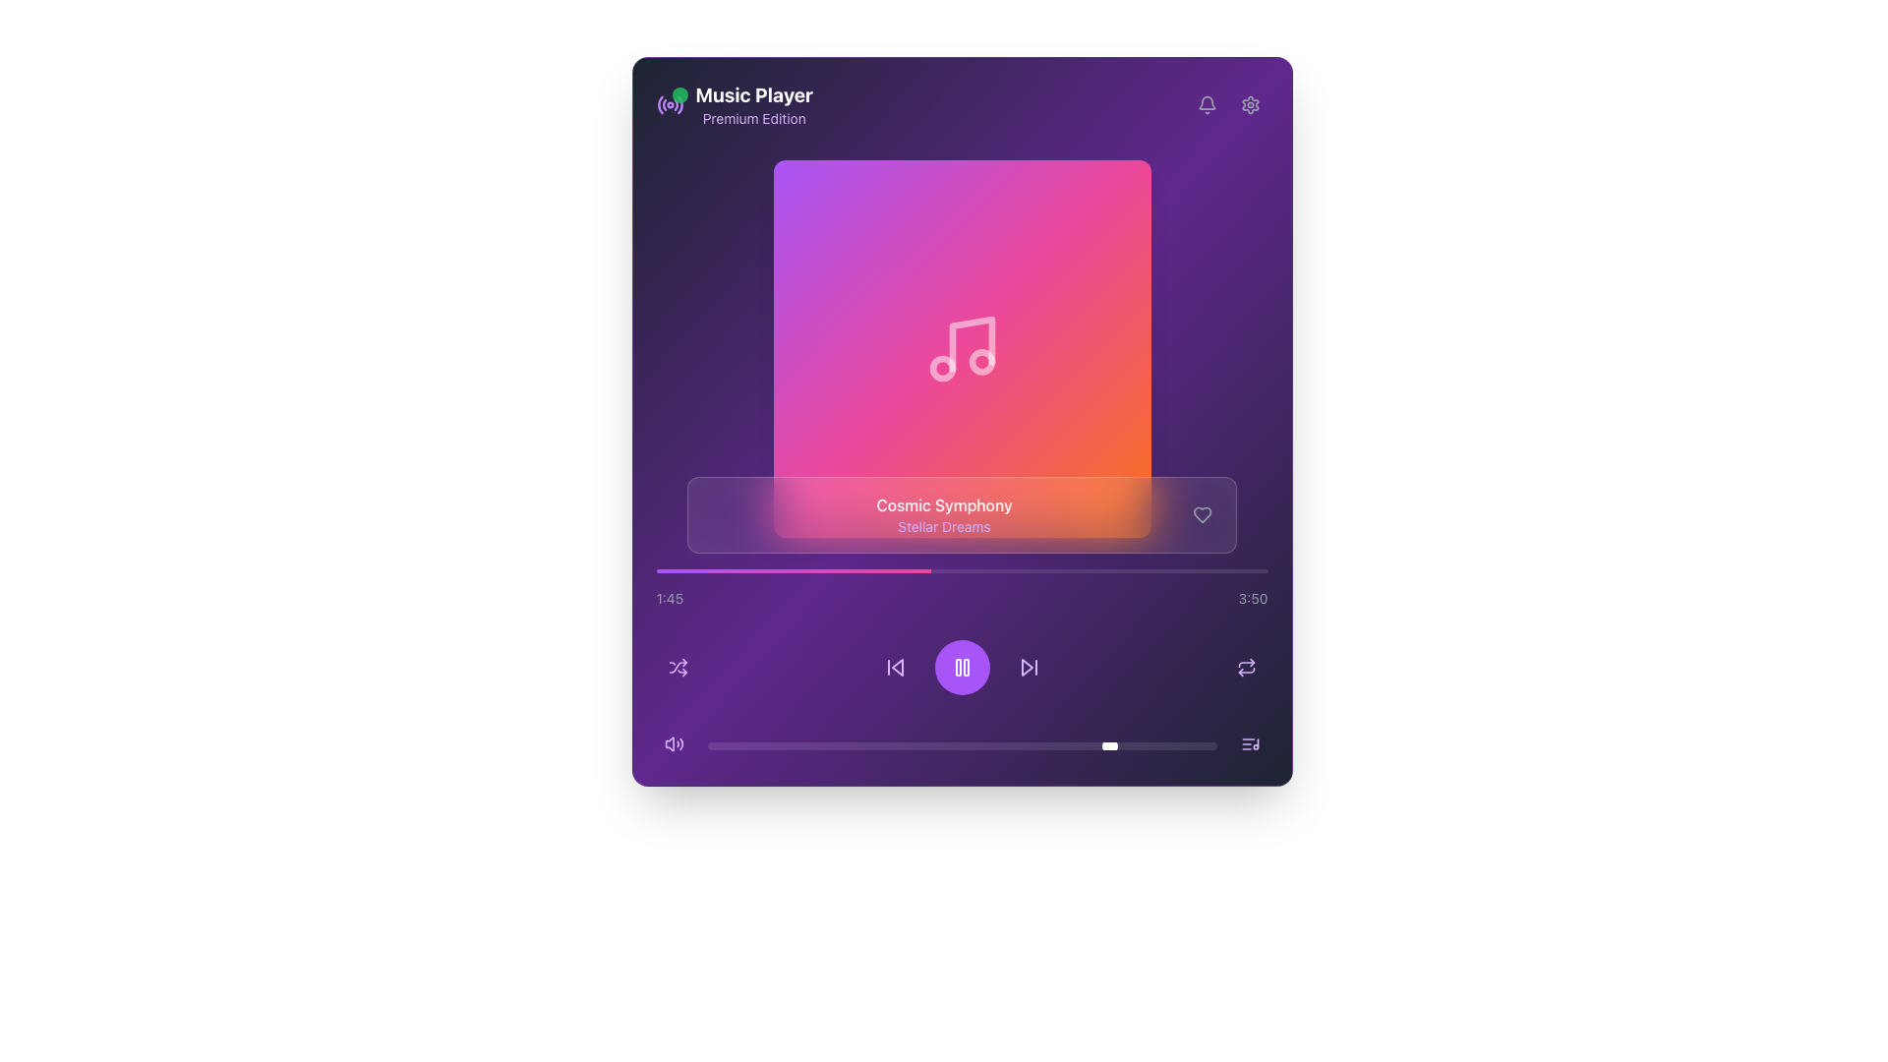 This screenshot has height=1062, width=1888. Describe the element at coordinates (1028, 666) in the screenshot. I see `the skip forward button, which is the third interactive button in the playback controls, located directly to the right of the play/pause button` at that location.